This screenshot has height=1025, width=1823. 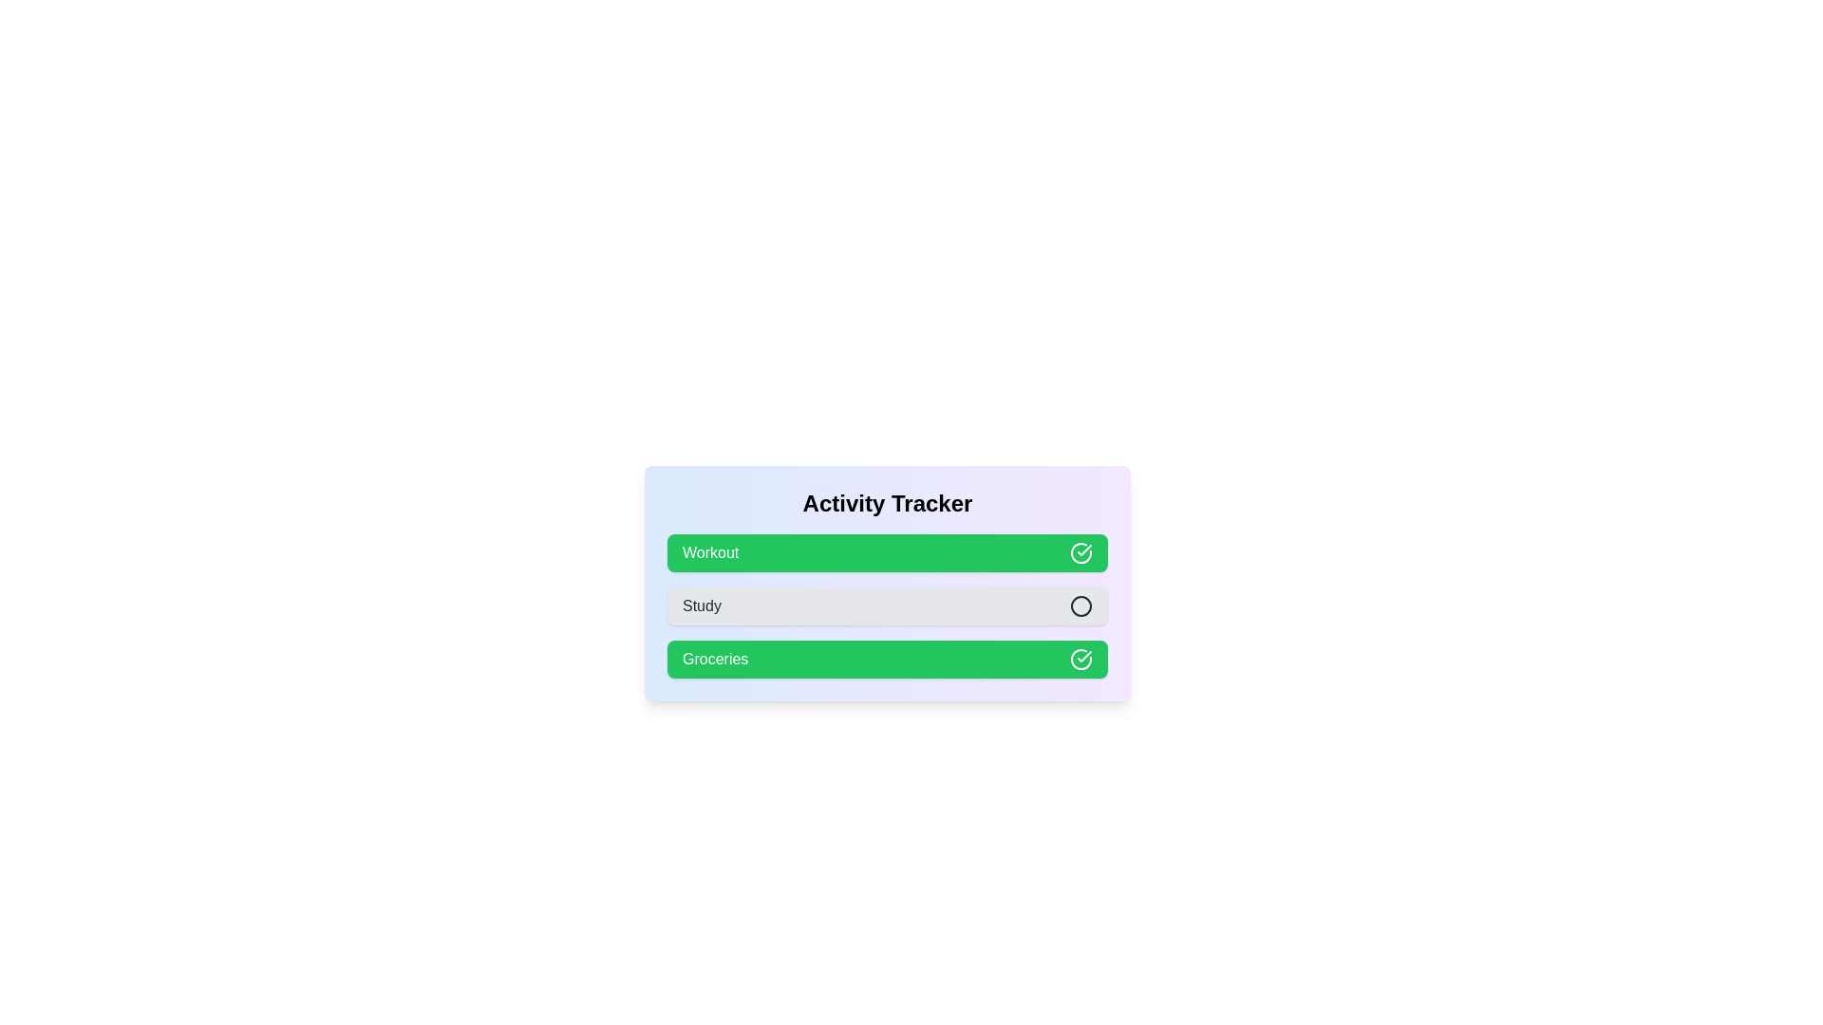 I want to click on the activity Groceries to toggle its completion status, so click(x=887, y=658).